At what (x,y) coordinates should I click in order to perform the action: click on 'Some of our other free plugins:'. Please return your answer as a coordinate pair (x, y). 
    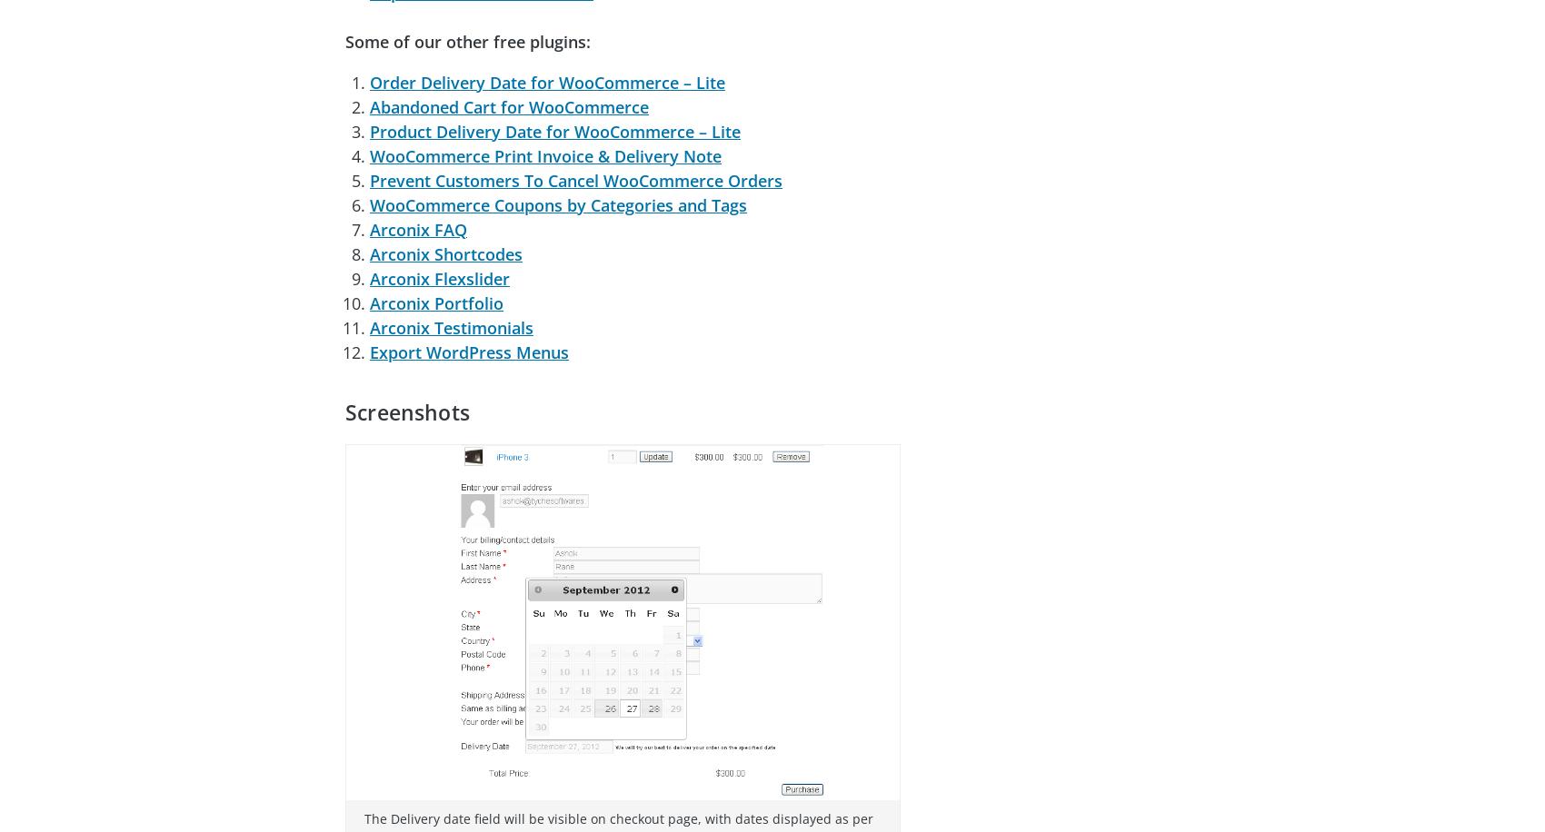
    Looking at the image, I should click on (344, 40).